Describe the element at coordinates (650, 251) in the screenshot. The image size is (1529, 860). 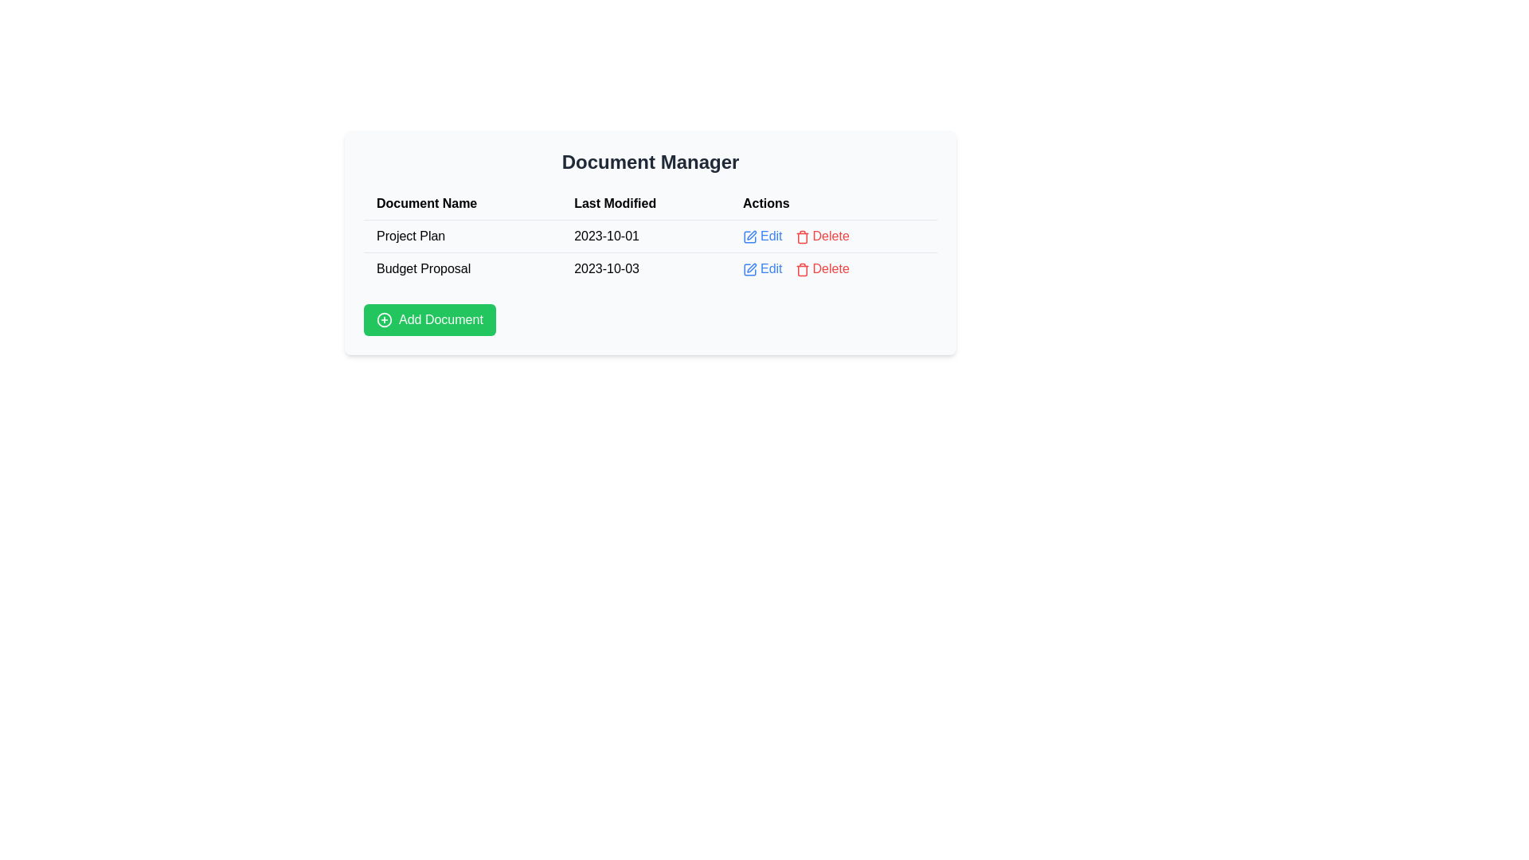
I see `the first row of the table in the 'Document Manager' section, which displays the 'Project Plan' record` at that location.